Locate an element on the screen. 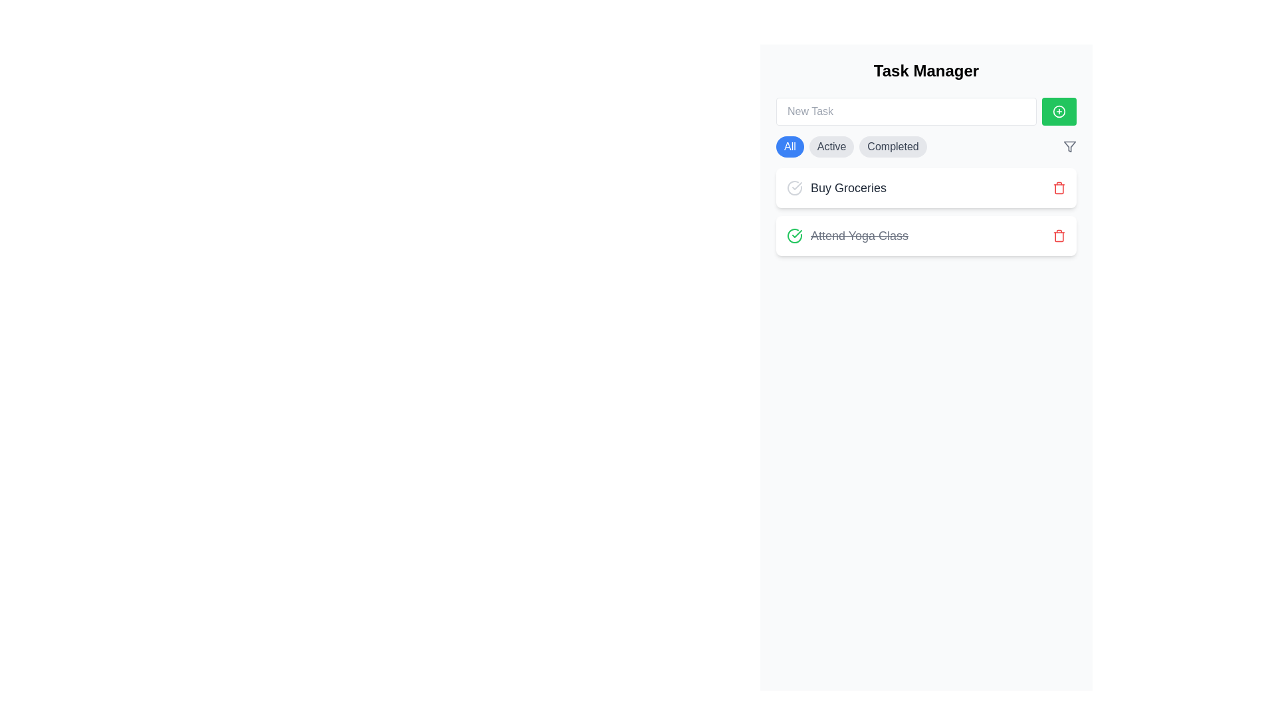 The width and height of the screenshot is (1276, 718). the filter icon located at the top-right corner of the interface, next to the green plus button, which allows users to manage filters for tasks in the task manager is located at coordinates (1069, 146).